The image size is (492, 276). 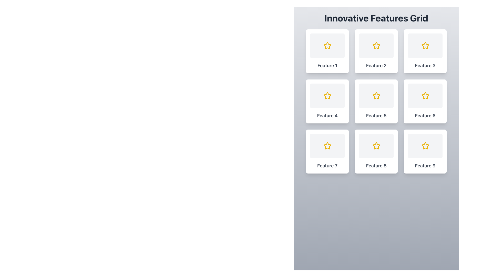 I want to click on the star icon in the top row, third column of a 3x3 grid, so click(x=425, y=45).